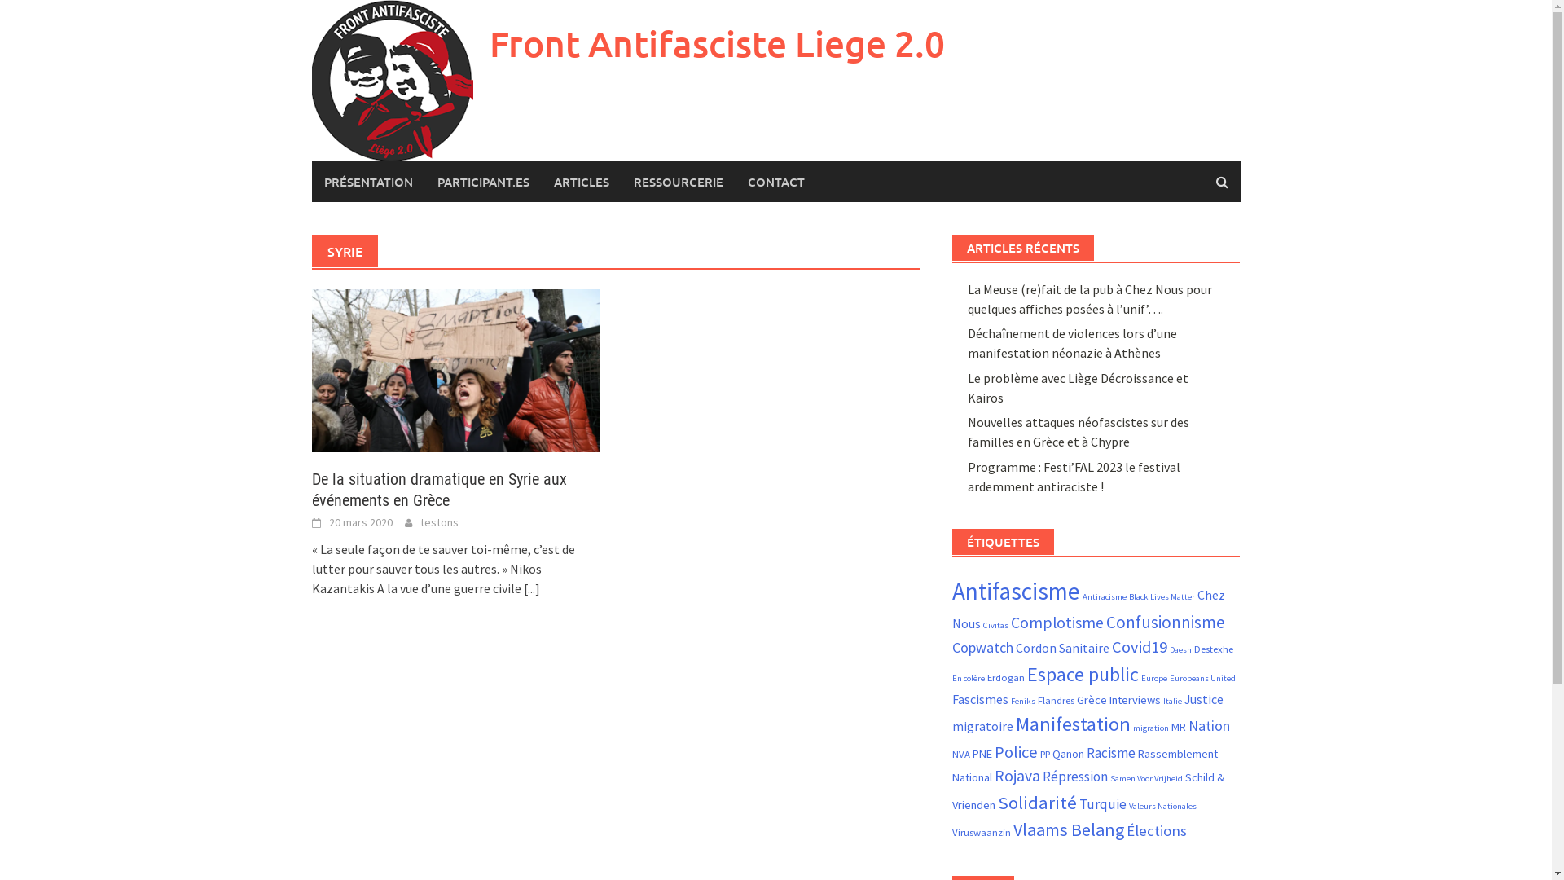  What do you see at coordinates (1145, 777) in the screenshot?
I see `'Samen Voor Vrijheid'` at bounding box center [1145, 777].